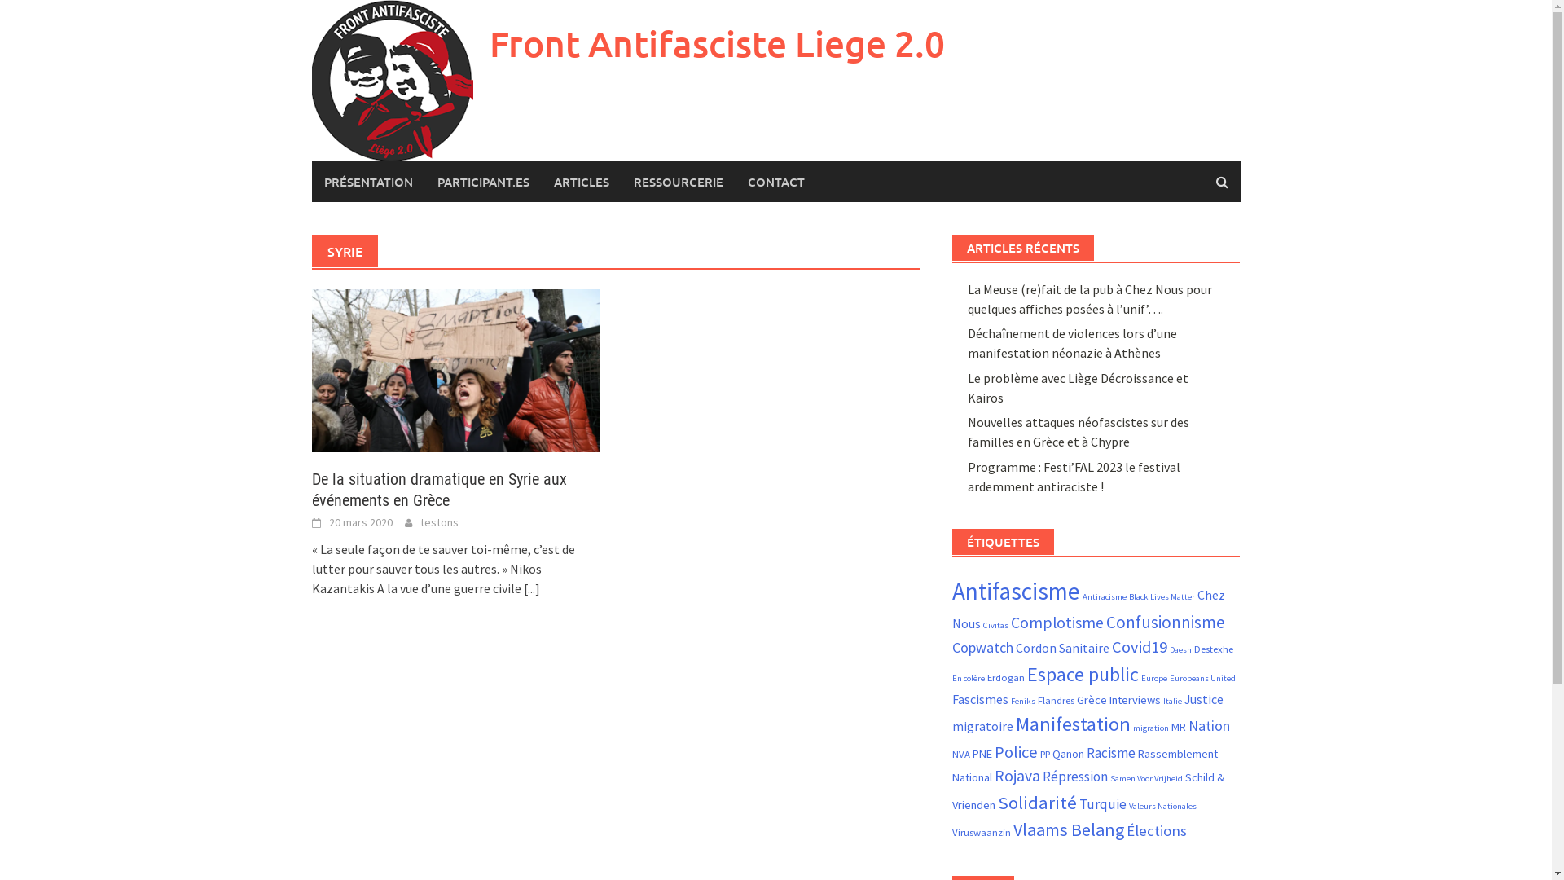  What do you see at coordinates (1145, 777) in the screenshot?
I see `'Samen Voor Vrijheid'` at bounding box center [1145, 777].